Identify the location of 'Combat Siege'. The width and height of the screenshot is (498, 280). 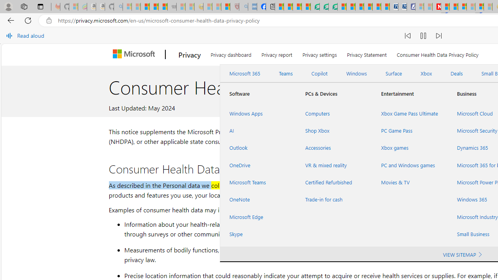
(172, 7).